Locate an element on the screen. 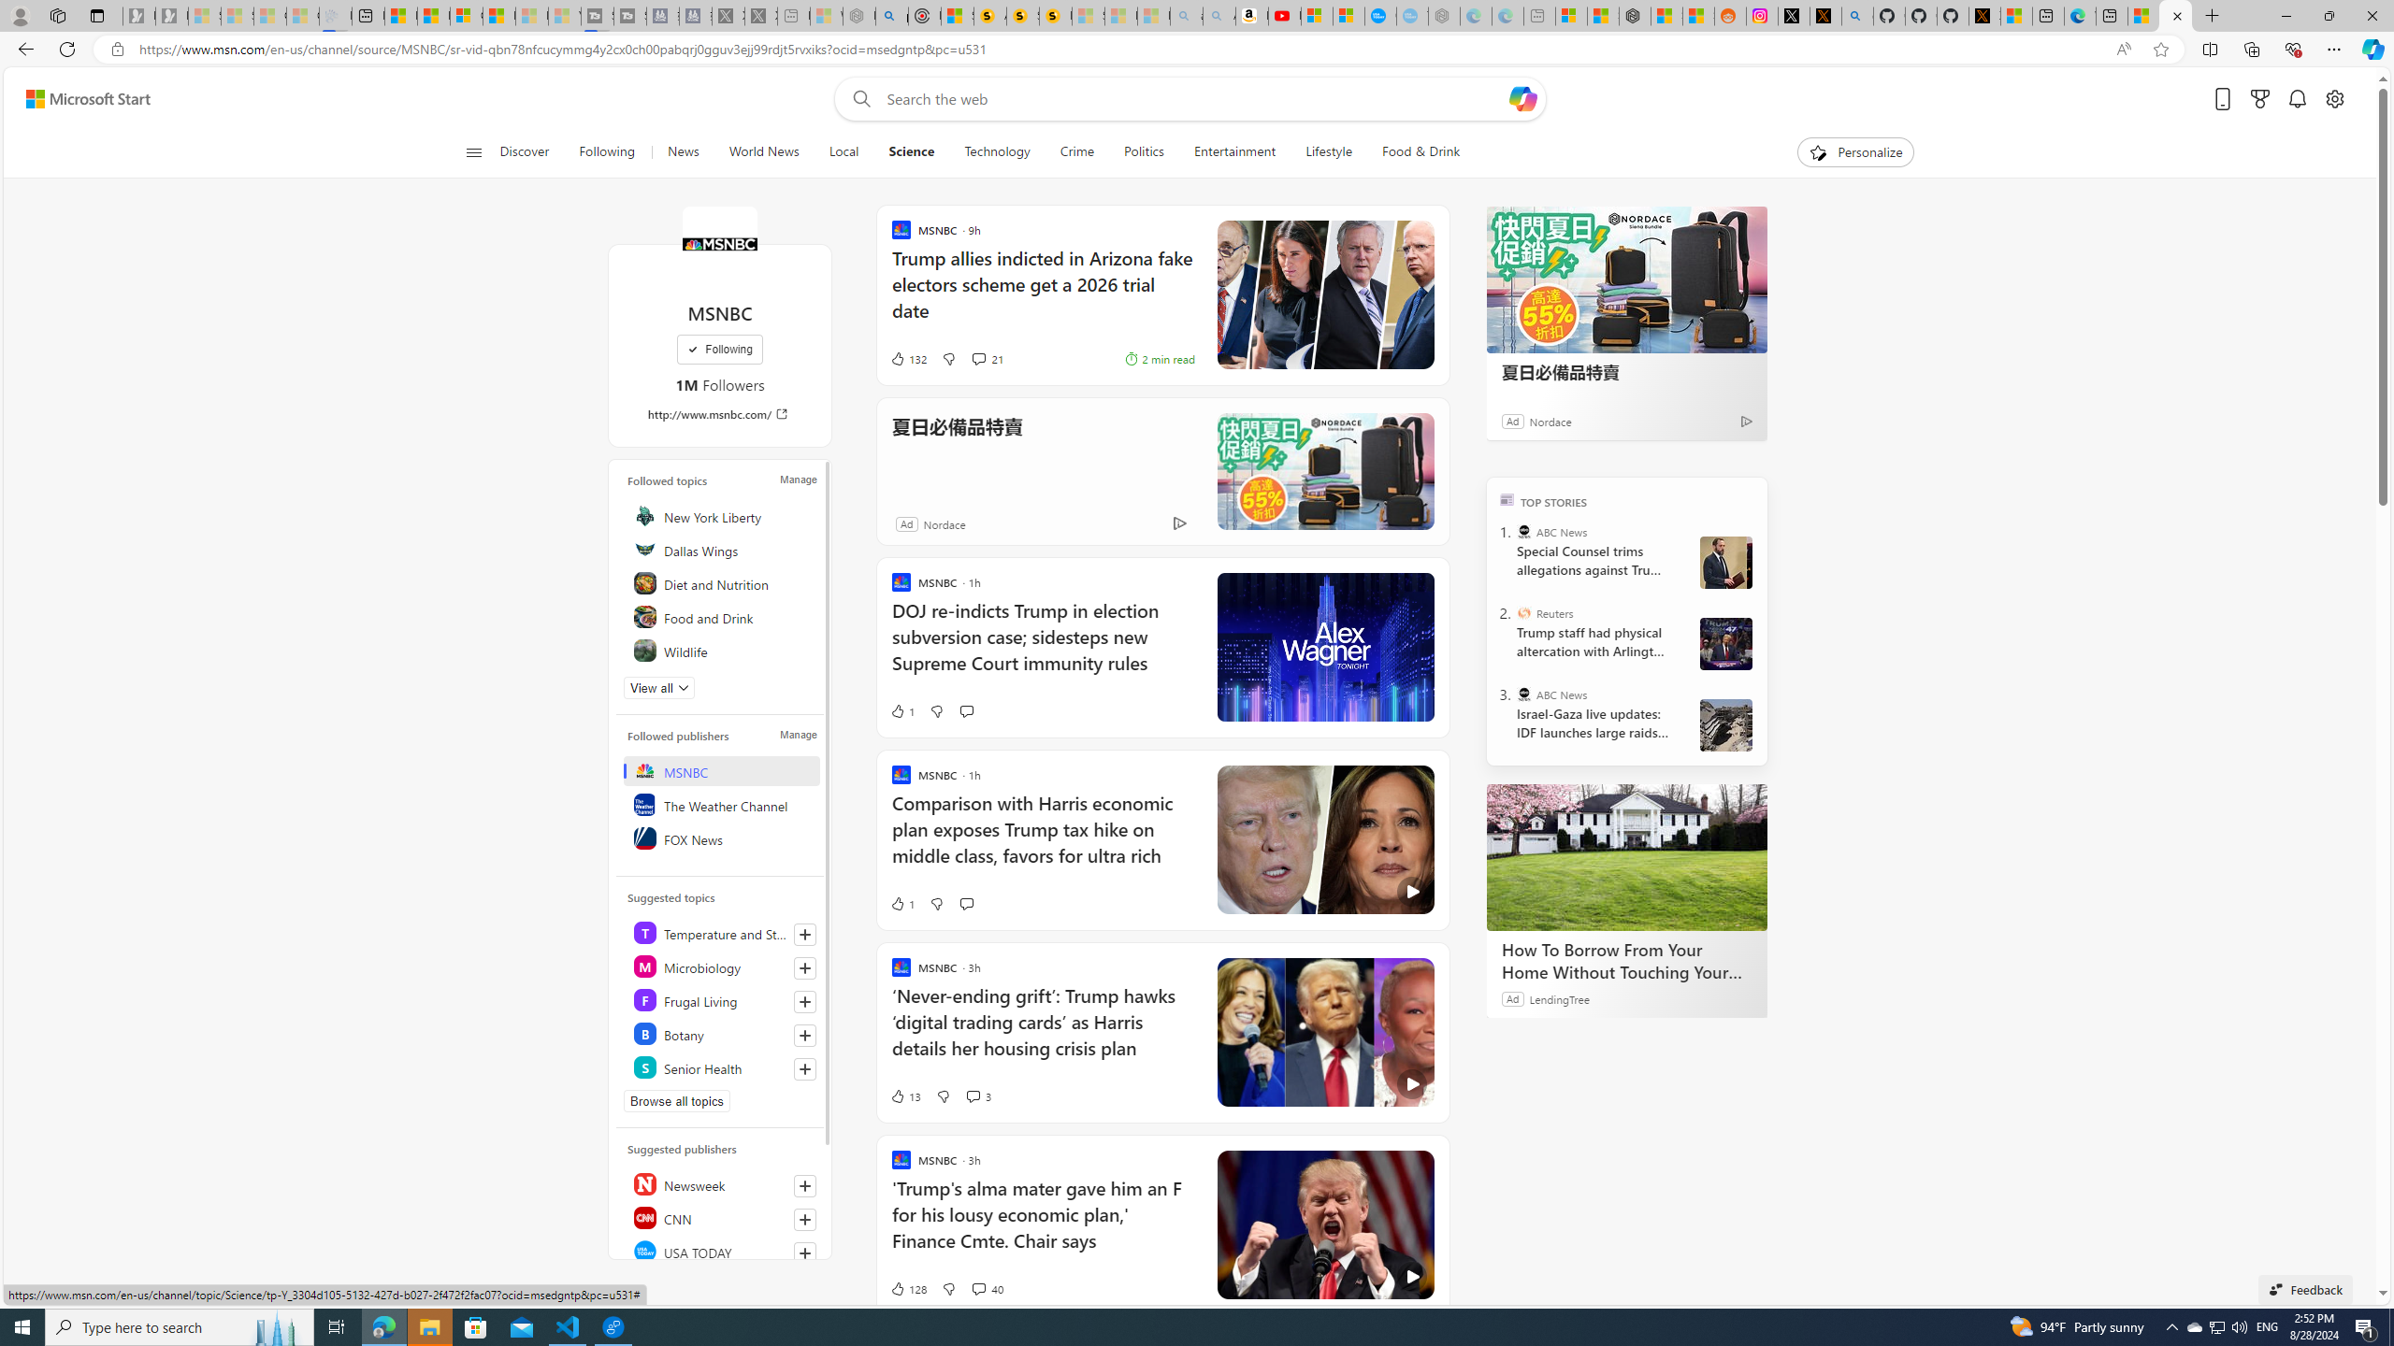  'Open navigation menu' is located at coordinates (472, 150).